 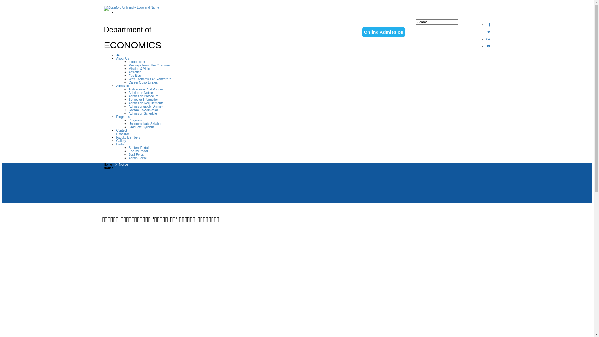 I want to click on 'Career Opportunities', so click(x=128, y=82).